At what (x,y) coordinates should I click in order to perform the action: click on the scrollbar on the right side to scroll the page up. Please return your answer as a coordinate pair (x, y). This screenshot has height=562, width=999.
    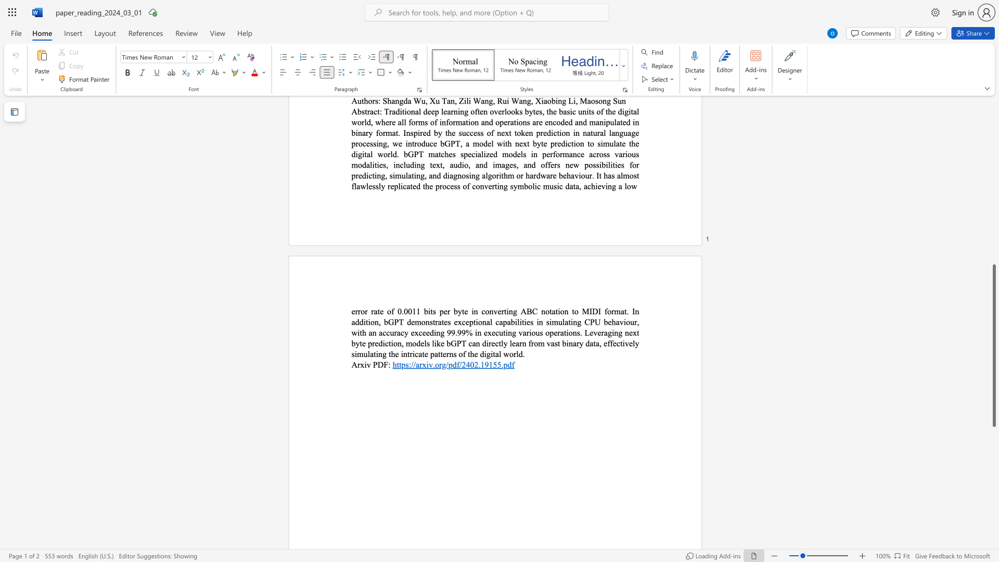
    Looking at the image, I should click on (993, 239).